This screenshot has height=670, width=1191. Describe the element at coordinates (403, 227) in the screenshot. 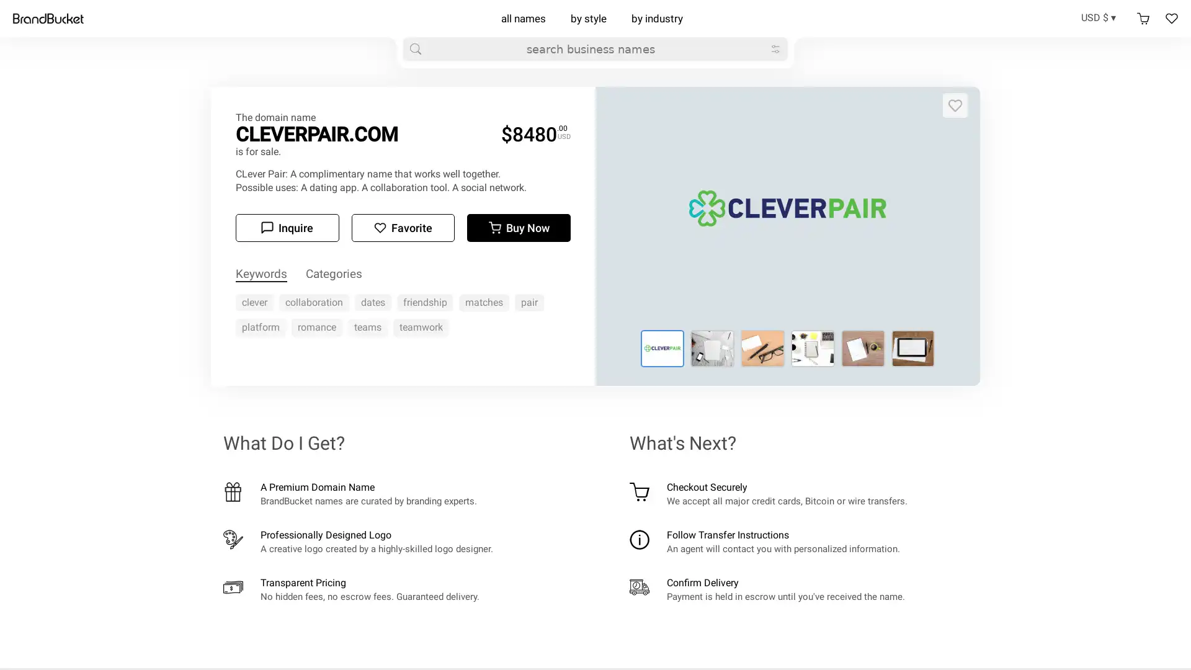

I see `Add to favorites Favorite` at that location.